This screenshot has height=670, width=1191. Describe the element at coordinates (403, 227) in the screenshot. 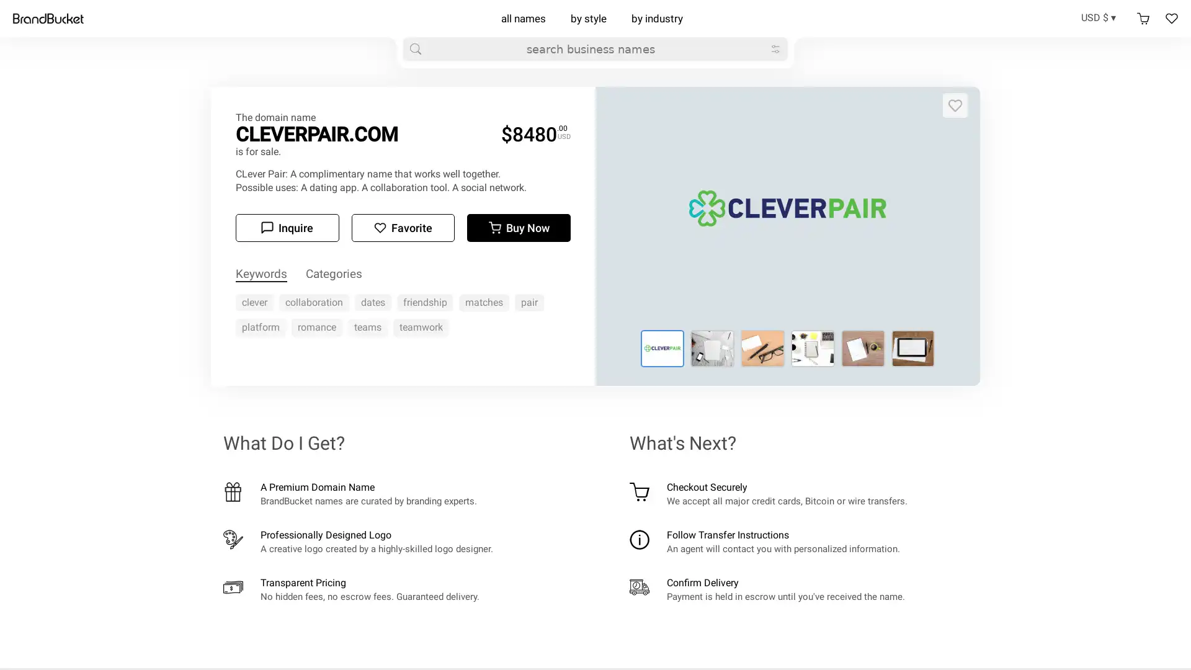

I see `Add to favorites Favorite` at that location.